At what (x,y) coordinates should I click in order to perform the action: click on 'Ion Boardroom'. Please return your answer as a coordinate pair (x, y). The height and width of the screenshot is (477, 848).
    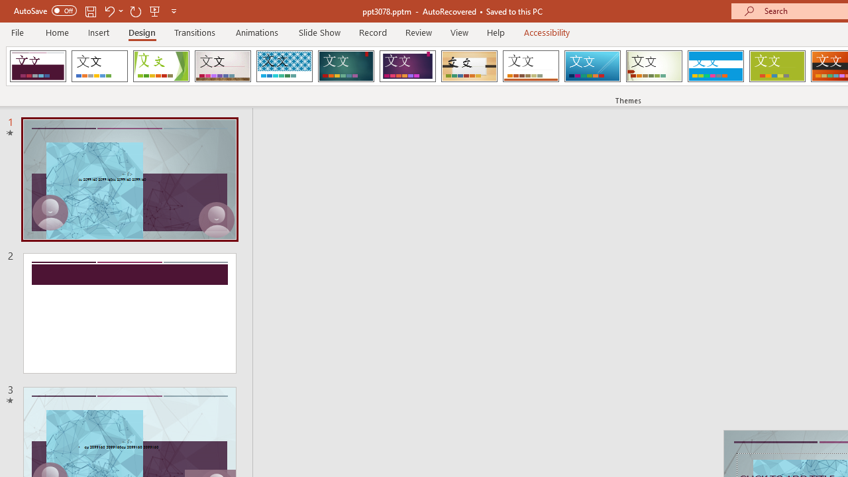
    Looking at the image, I should click on (407, 66).